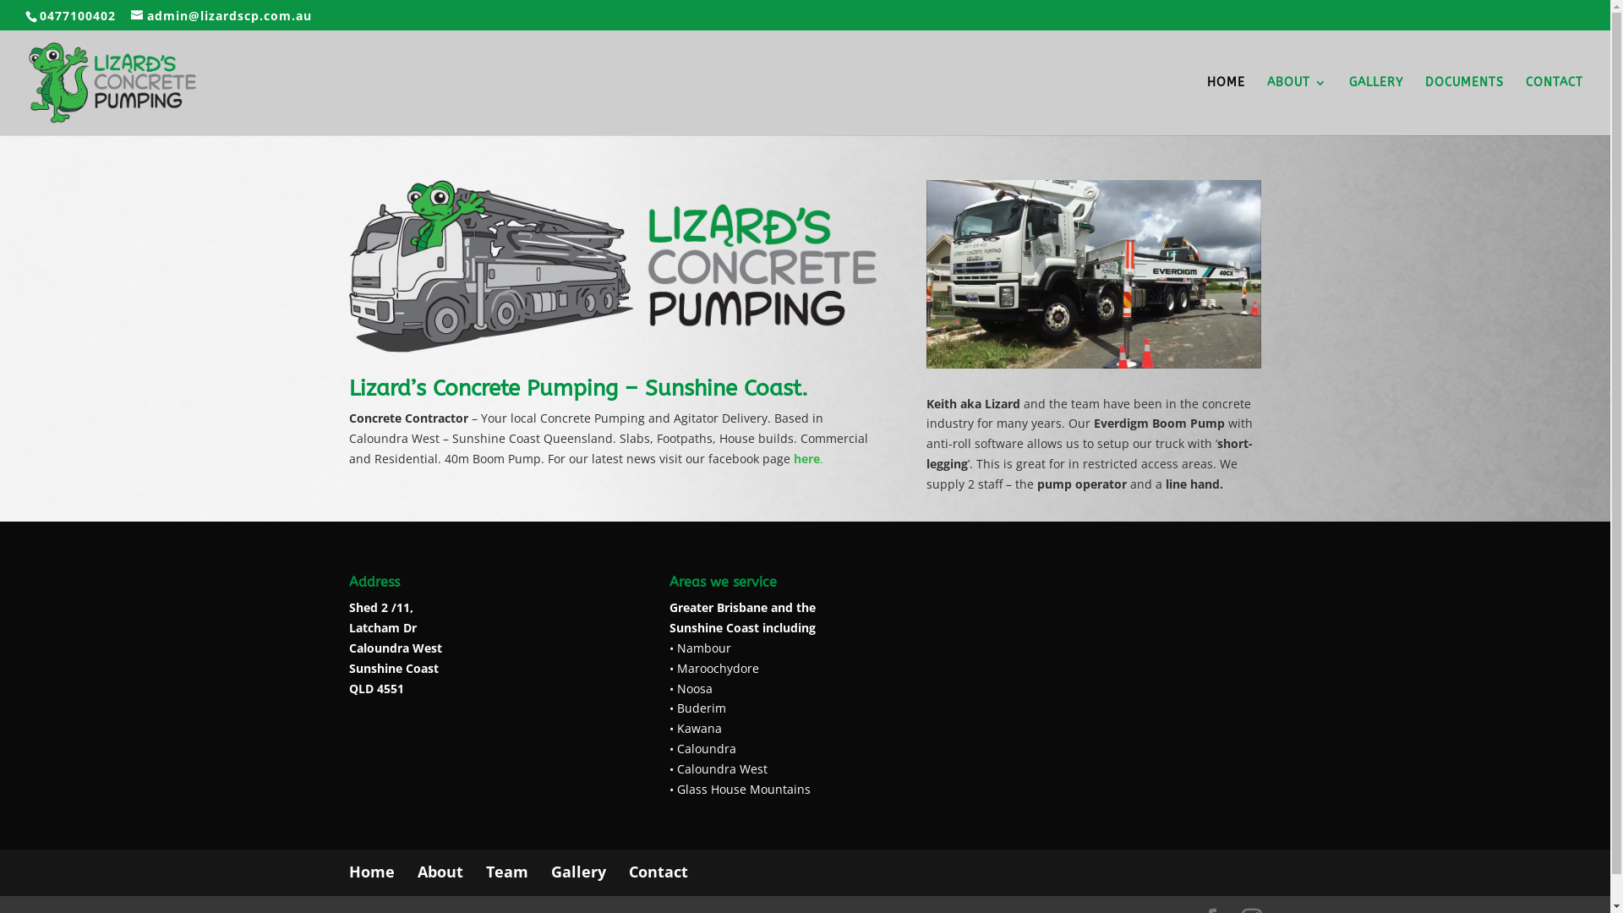 This screenshot has width=1623, height=913. I want to click on 'ABOUT', so click(1296, 106).